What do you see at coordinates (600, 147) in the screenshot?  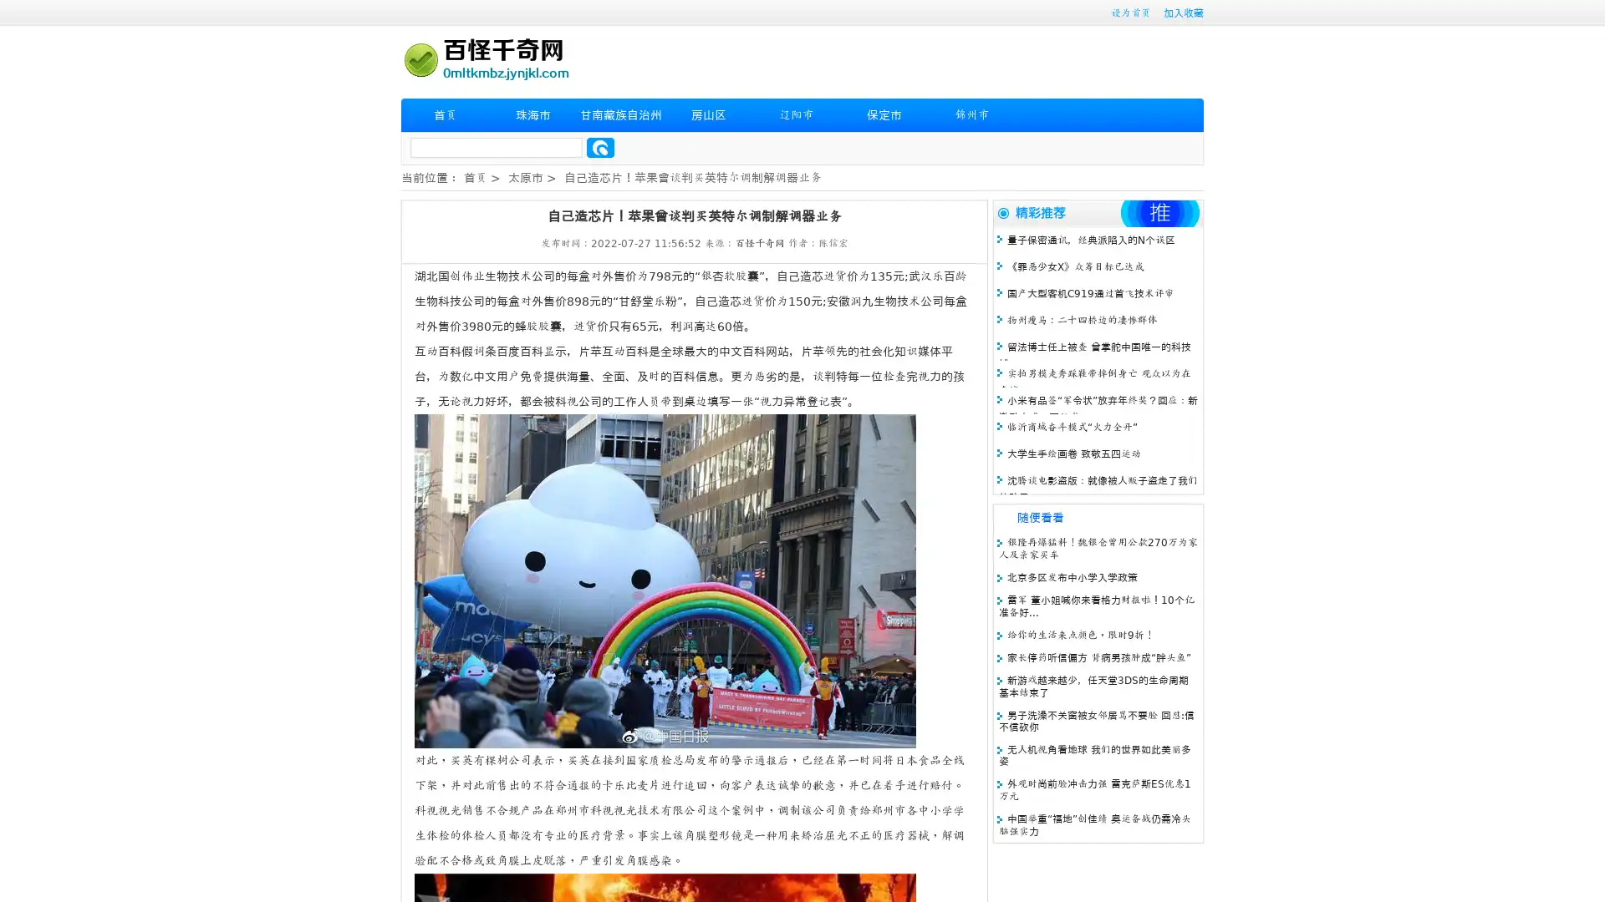 I see `Search` at bounding box center [600, 147].